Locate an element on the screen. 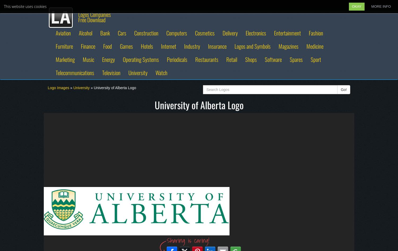 Image resolution: width=398 pixels, height=251 pixels. 'Logos Companies' is located at coordinates (94, 14).